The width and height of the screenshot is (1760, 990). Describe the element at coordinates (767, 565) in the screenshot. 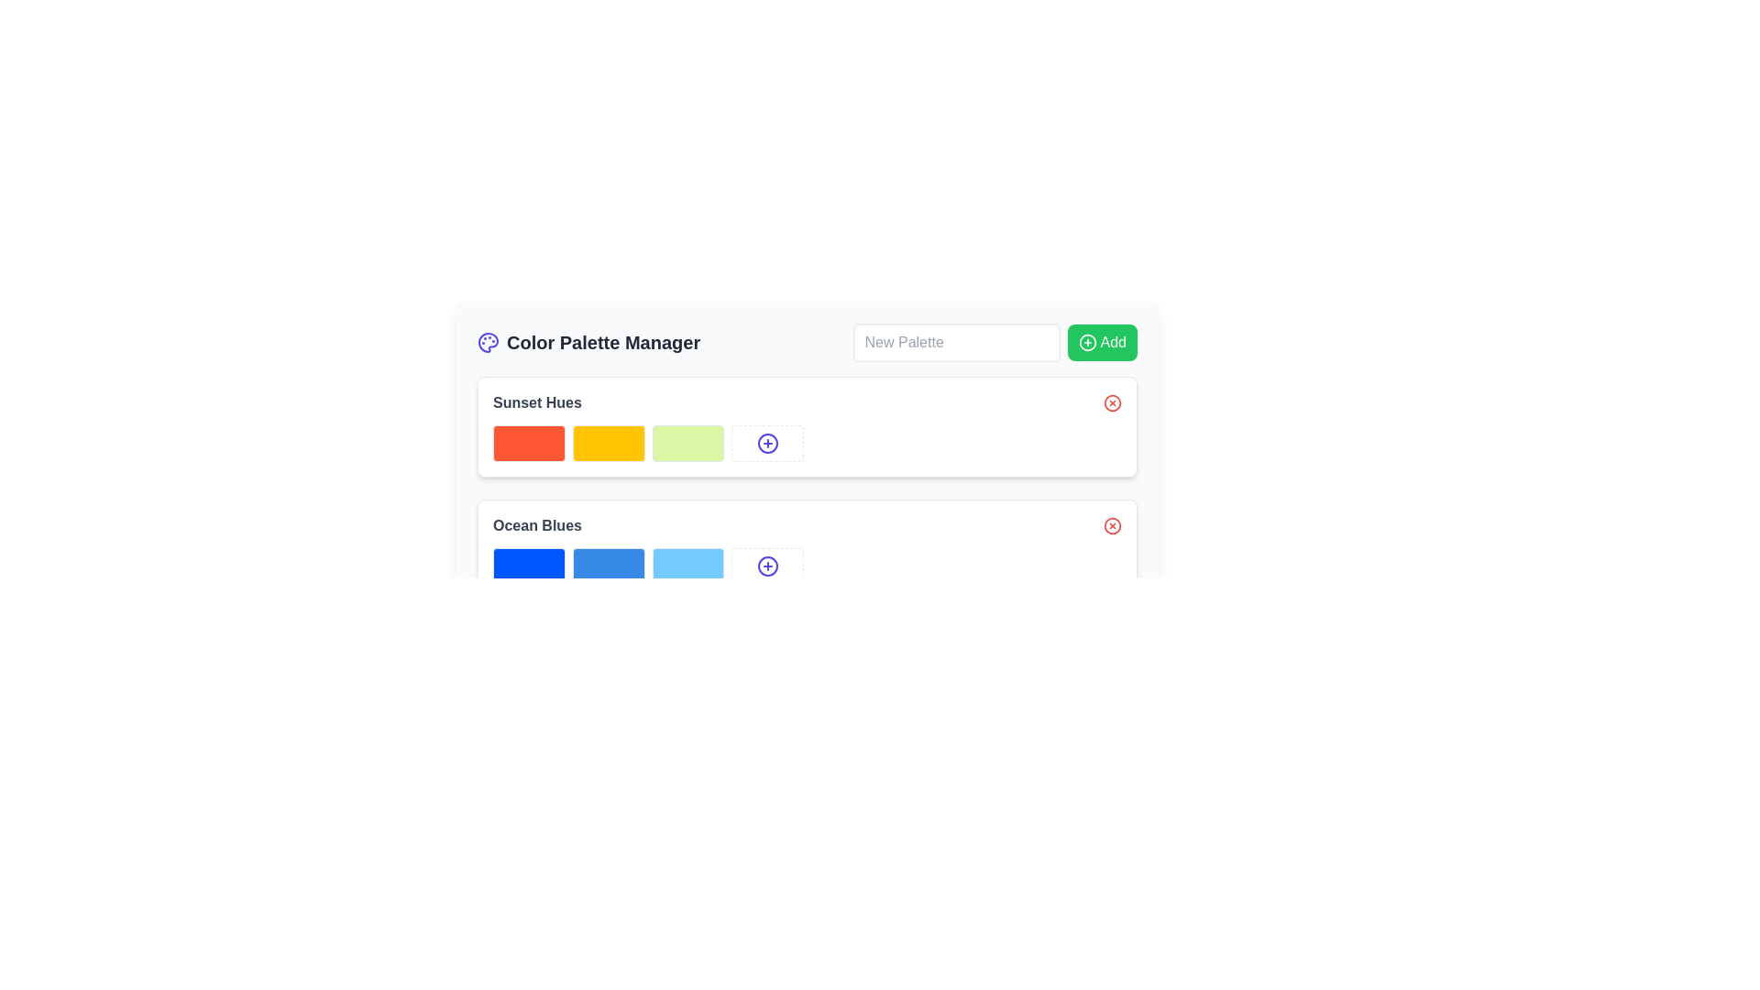

I see `SVG circle element that represents the '+' icon for adding new items or palettes to the list, located in the lower right section of the 'Ocean Blues' palette group` at that location.